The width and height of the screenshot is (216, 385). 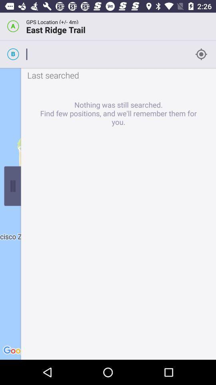 I want to click on text field, so click(x=107, y=54).